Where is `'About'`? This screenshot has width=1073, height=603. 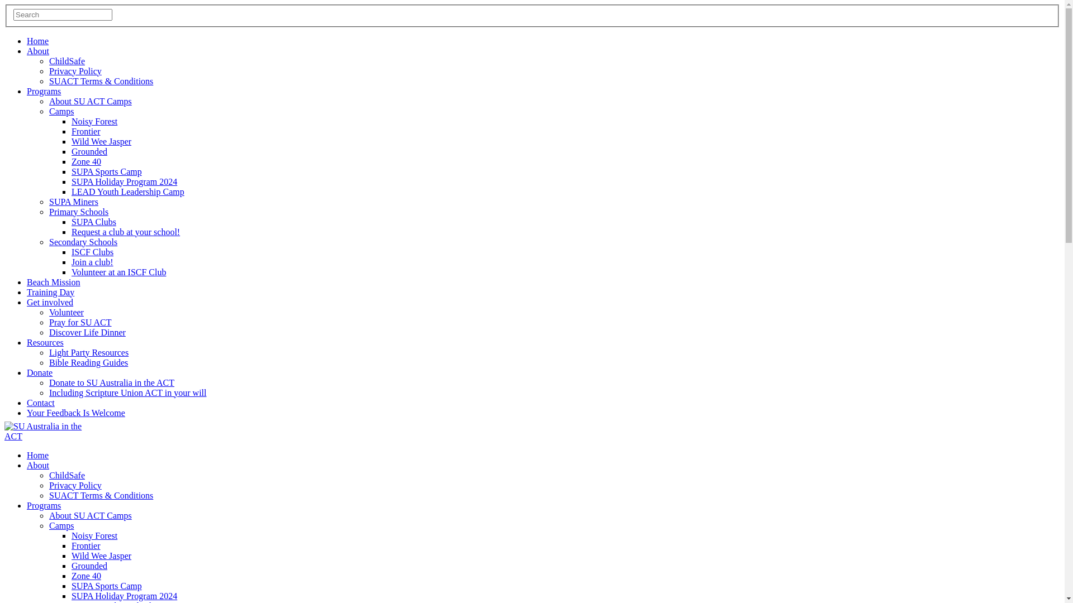
'About' is located at coordinates (37, 465).